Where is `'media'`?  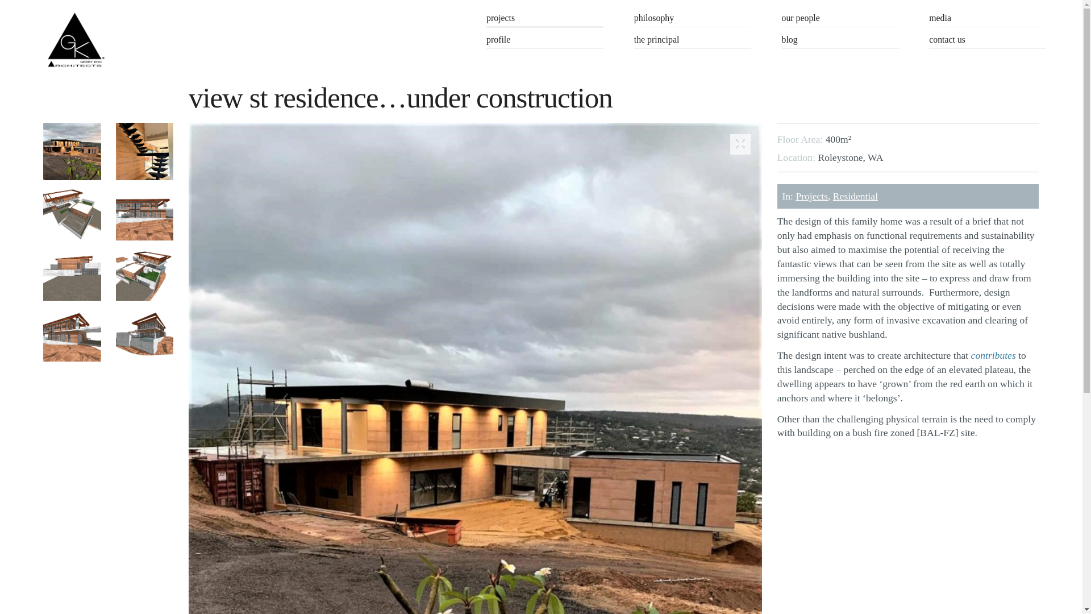
'media' is located at coordinates (986, 19).